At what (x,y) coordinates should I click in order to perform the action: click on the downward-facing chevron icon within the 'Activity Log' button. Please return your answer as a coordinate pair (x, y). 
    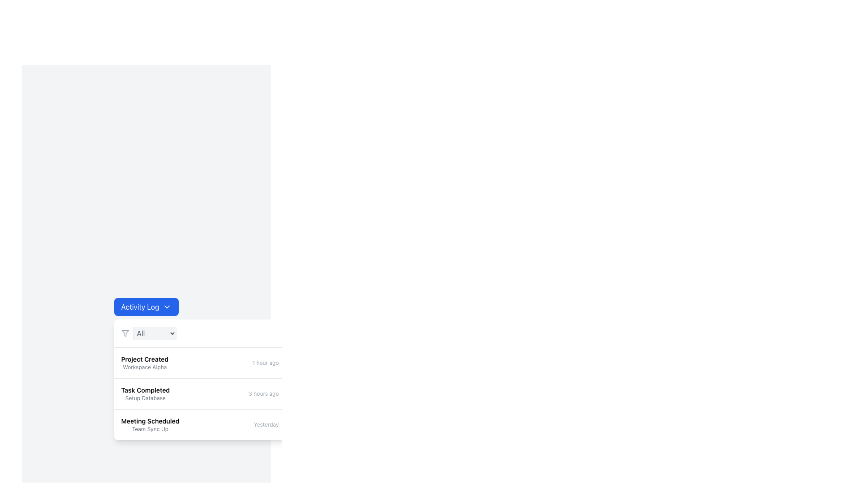
    Looking at the image, I should click on (167, 307).